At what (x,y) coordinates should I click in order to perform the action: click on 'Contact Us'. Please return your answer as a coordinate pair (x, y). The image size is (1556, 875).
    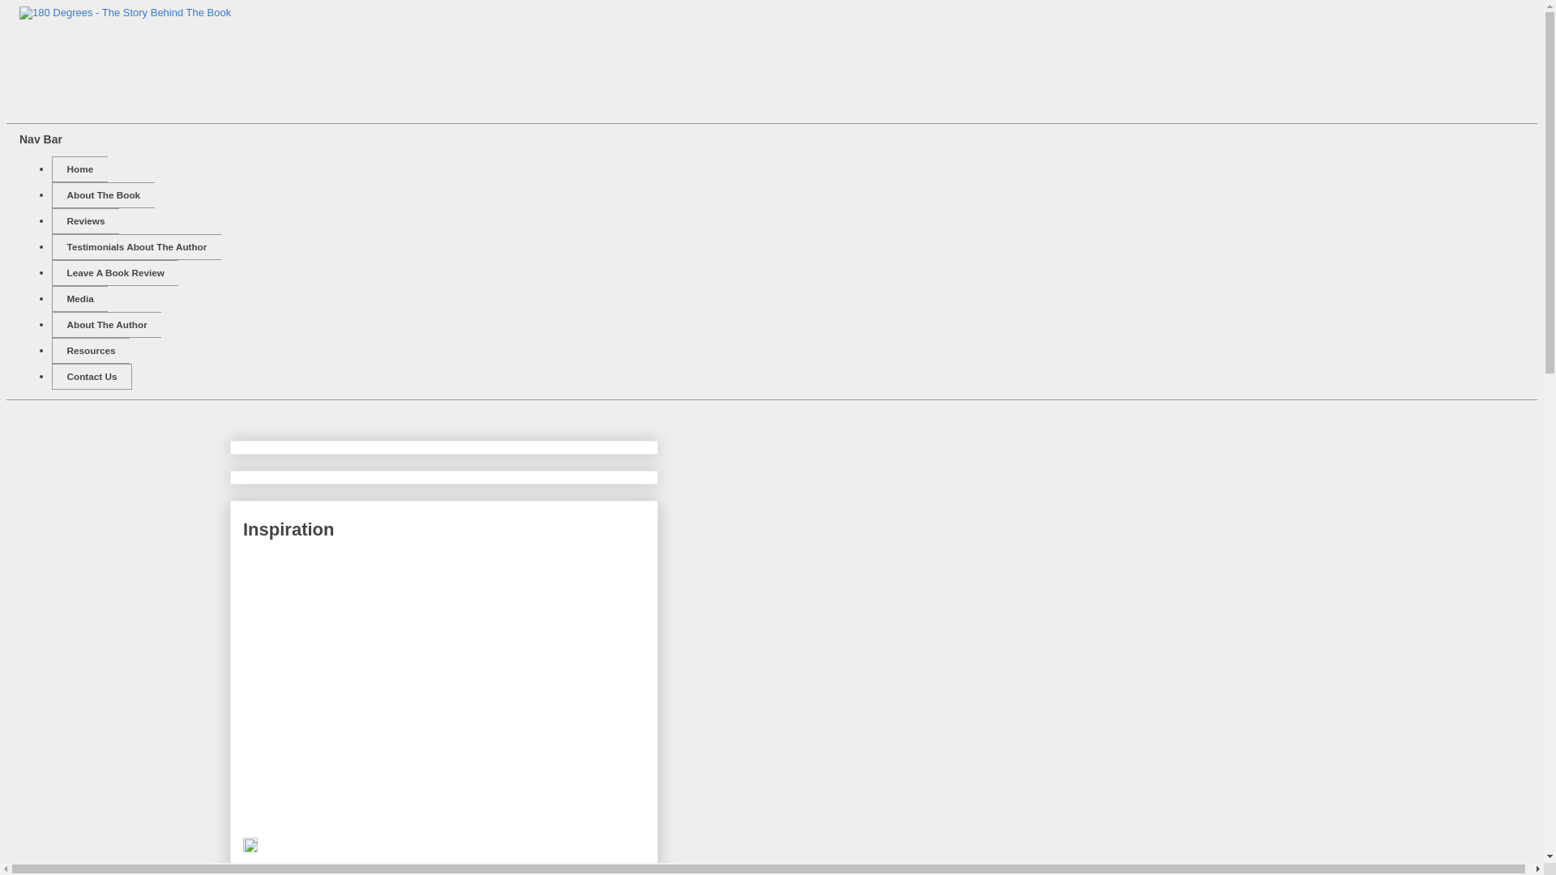
    Looking at the image, I should click on (91, 377).